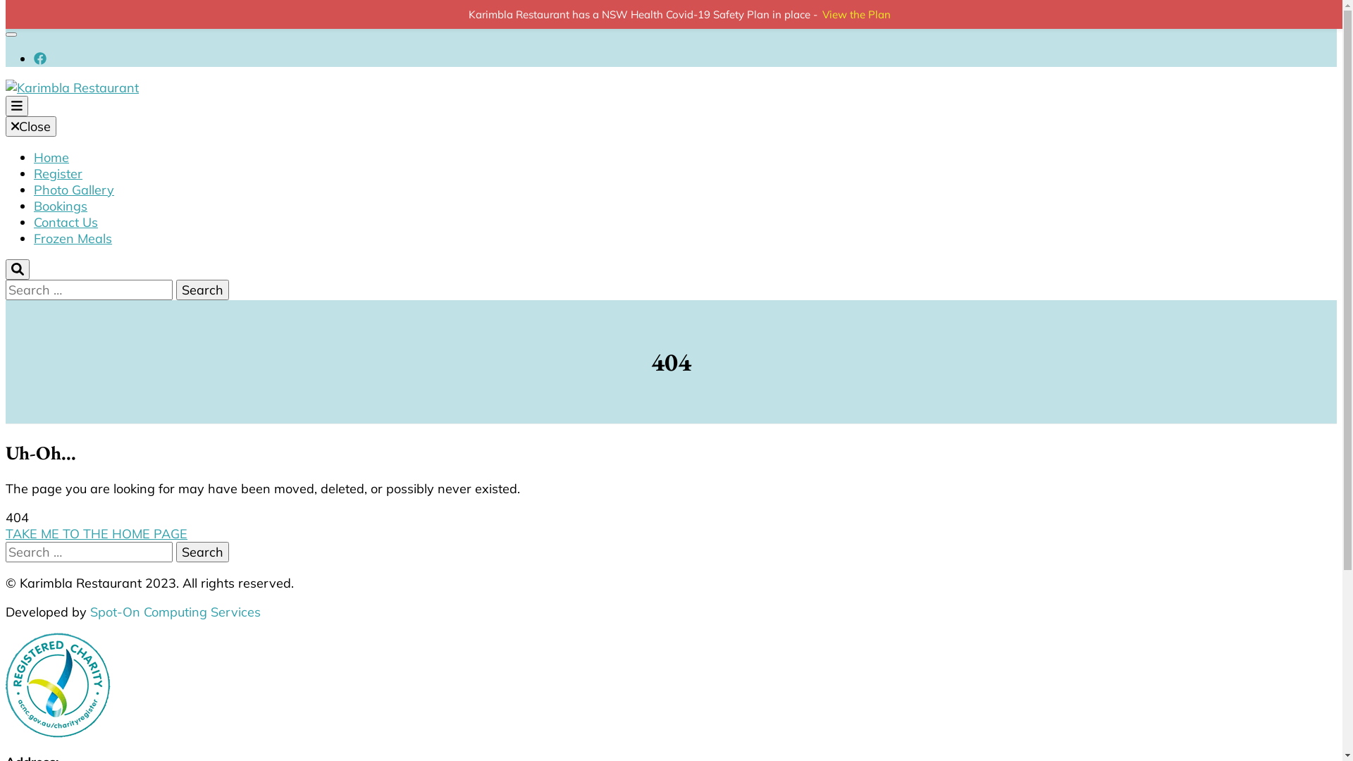 This screenshot has height=761, width=1353. Describe the element at coordinates (175, 611) in the screenshot. I see `'Spot-On Computing Services'` at that location.